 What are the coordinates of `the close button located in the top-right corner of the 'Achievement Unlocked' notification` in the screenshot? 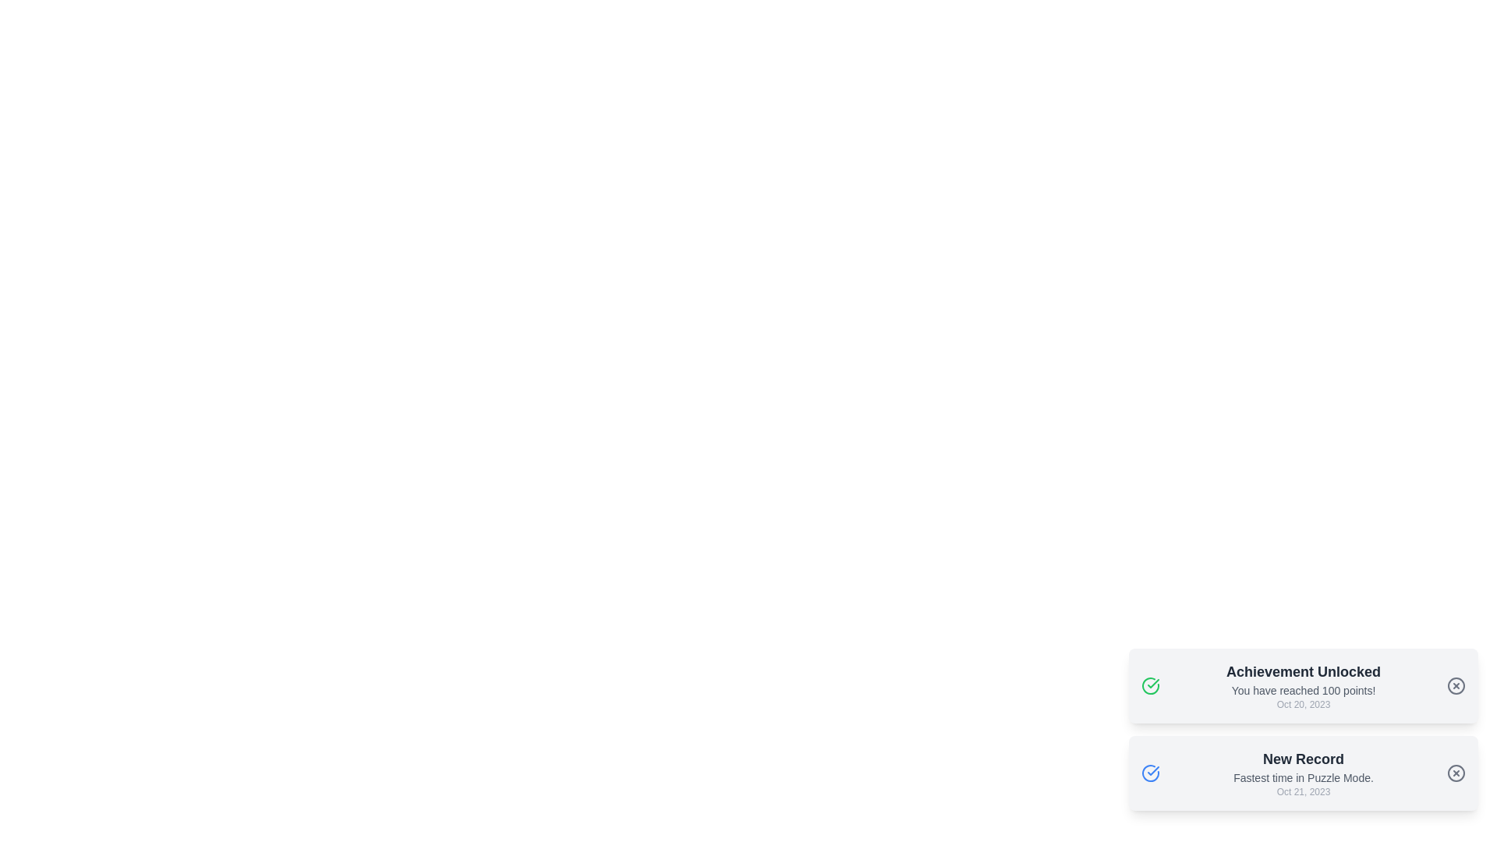 It's located at (1455, 685).